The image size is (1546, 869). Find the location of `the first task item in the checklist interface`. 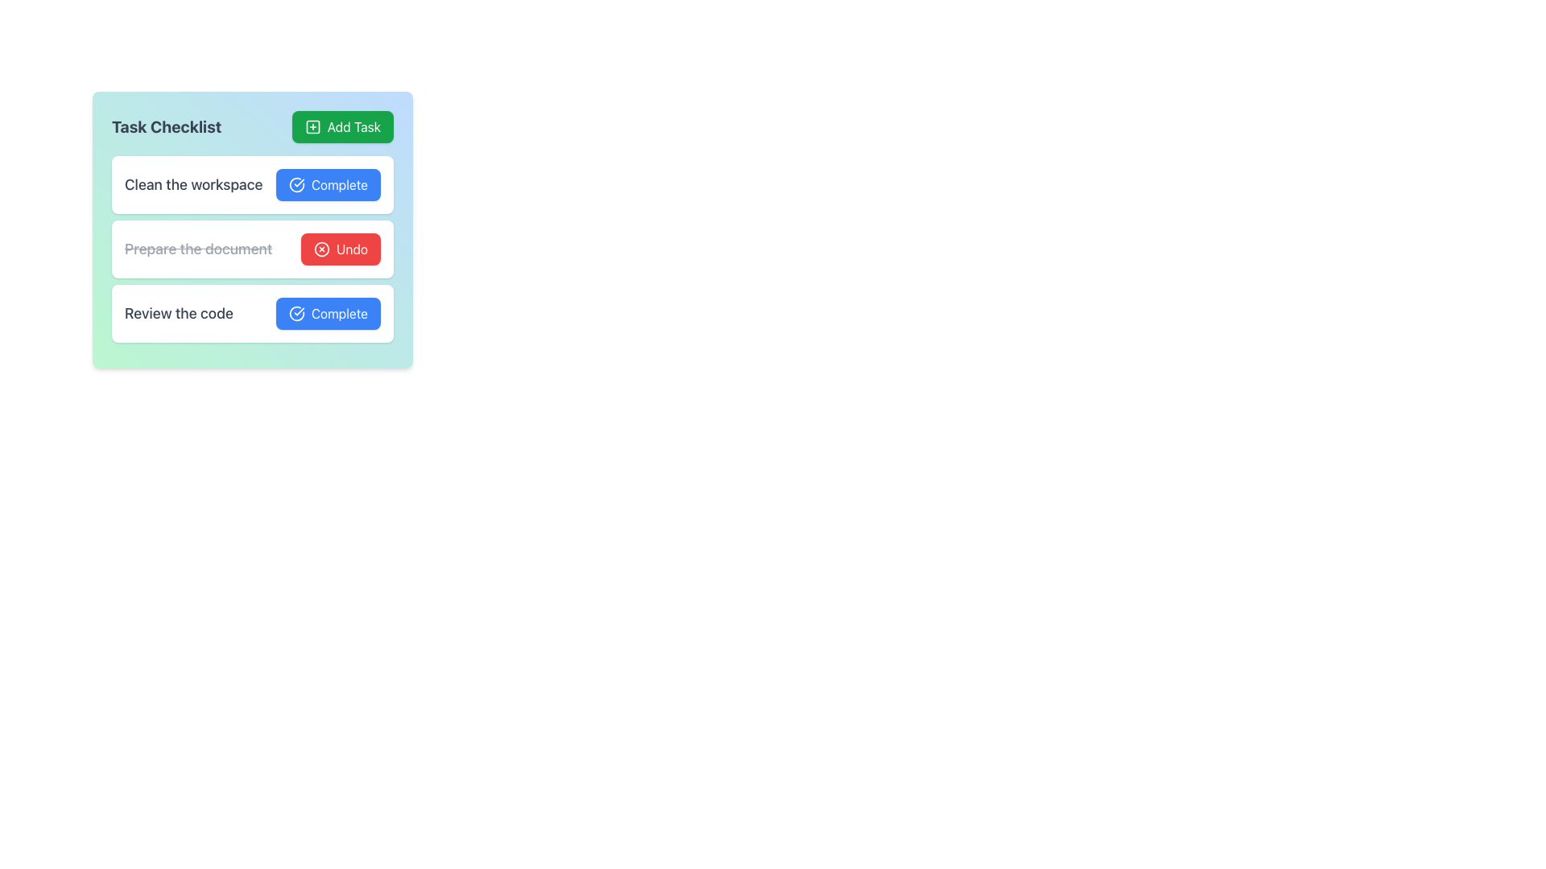

the first task item in the checklist interface is located at coordinates (251, 184).